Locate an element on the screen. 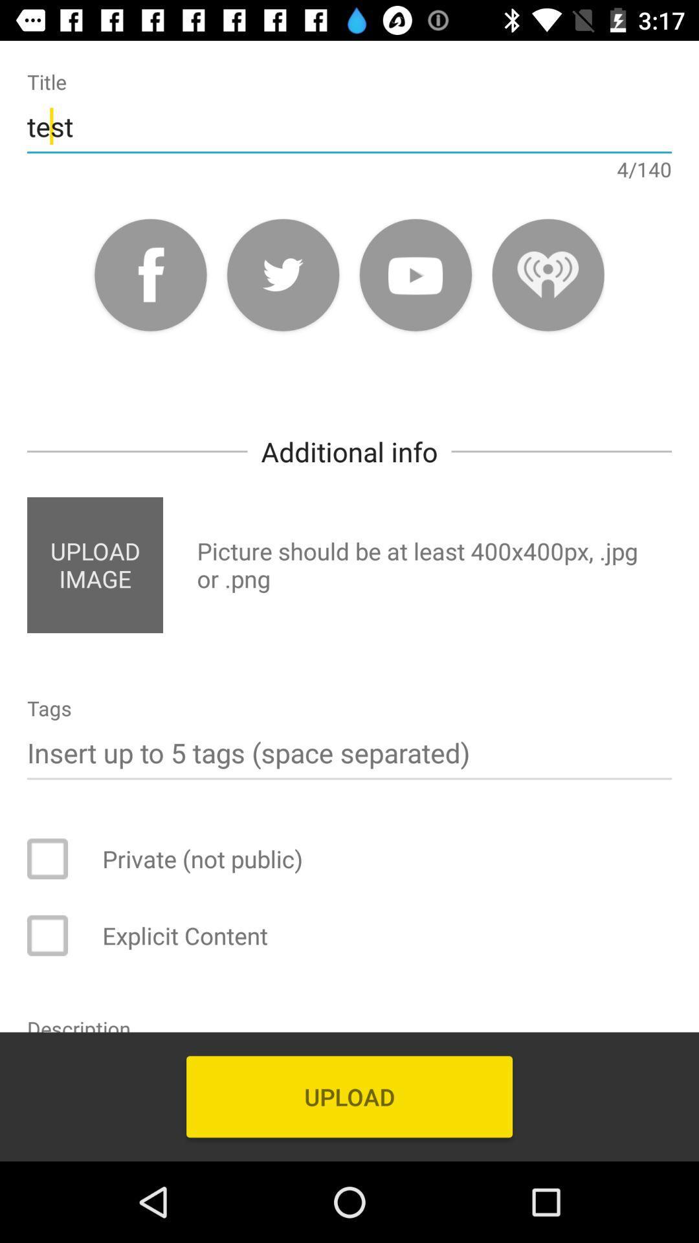 The image size is (699, 1243). open youtube is located at coordinates (416, 274).